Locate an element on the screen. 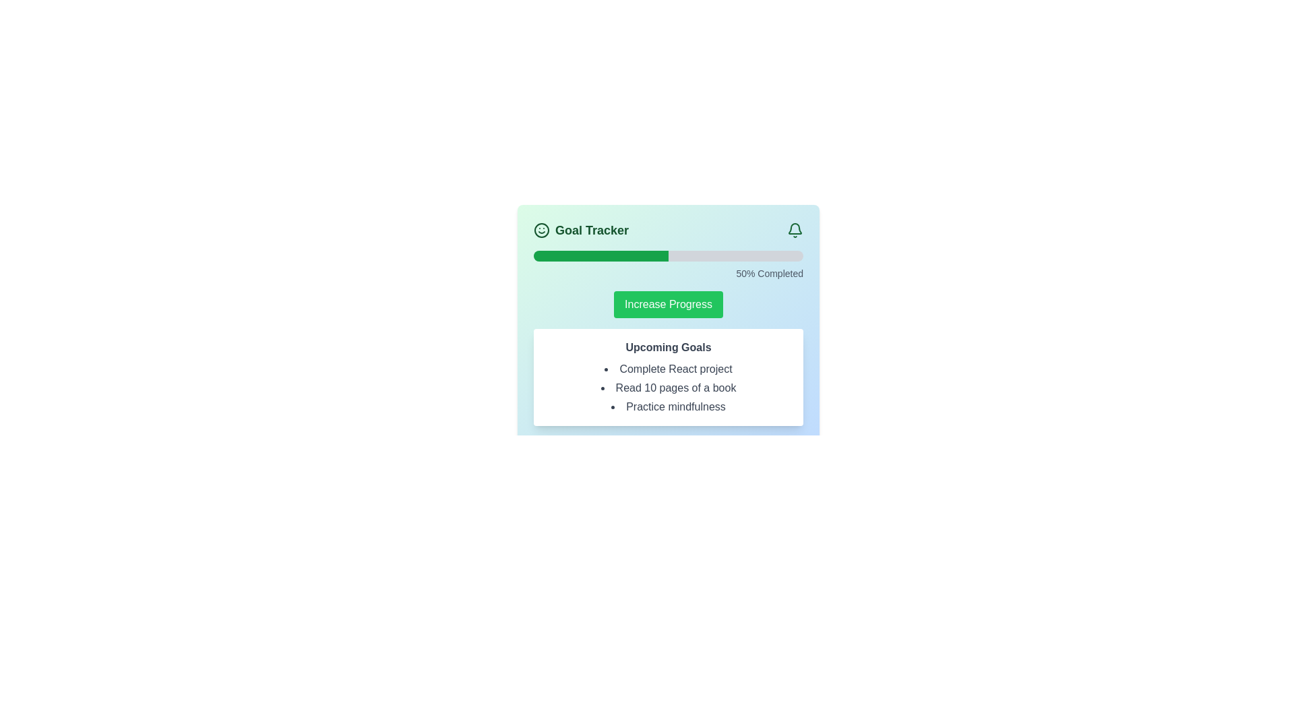  the Progress bar fill that visually represents 50% completion of the goal, located centrally below the 'Goal Tracker' label is located at coordinates (600, 256).